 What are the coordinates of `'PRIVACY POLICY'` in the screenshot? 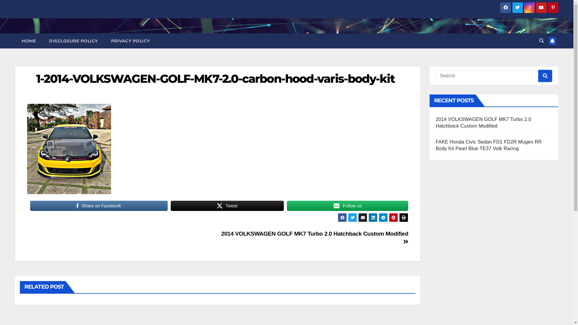 It's located at (130, 41).